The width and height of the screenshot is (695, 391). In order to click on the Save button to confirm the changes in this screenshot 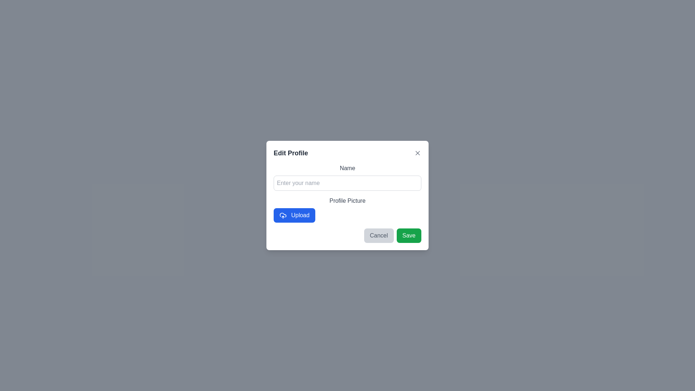, I will do `click(408, 236)`.